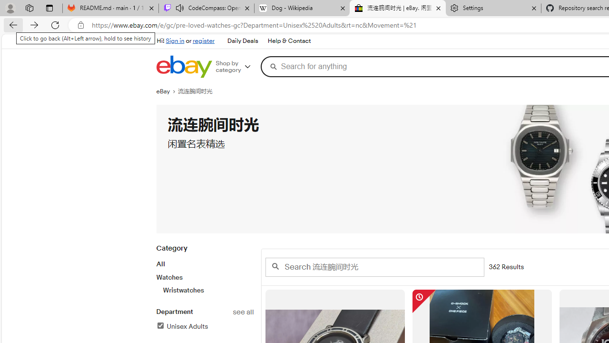 This screenshot has width=609, height=343. Describe the element at coordinates (184, 66) in the screenshot. I see `'eBay Home'` at that location.